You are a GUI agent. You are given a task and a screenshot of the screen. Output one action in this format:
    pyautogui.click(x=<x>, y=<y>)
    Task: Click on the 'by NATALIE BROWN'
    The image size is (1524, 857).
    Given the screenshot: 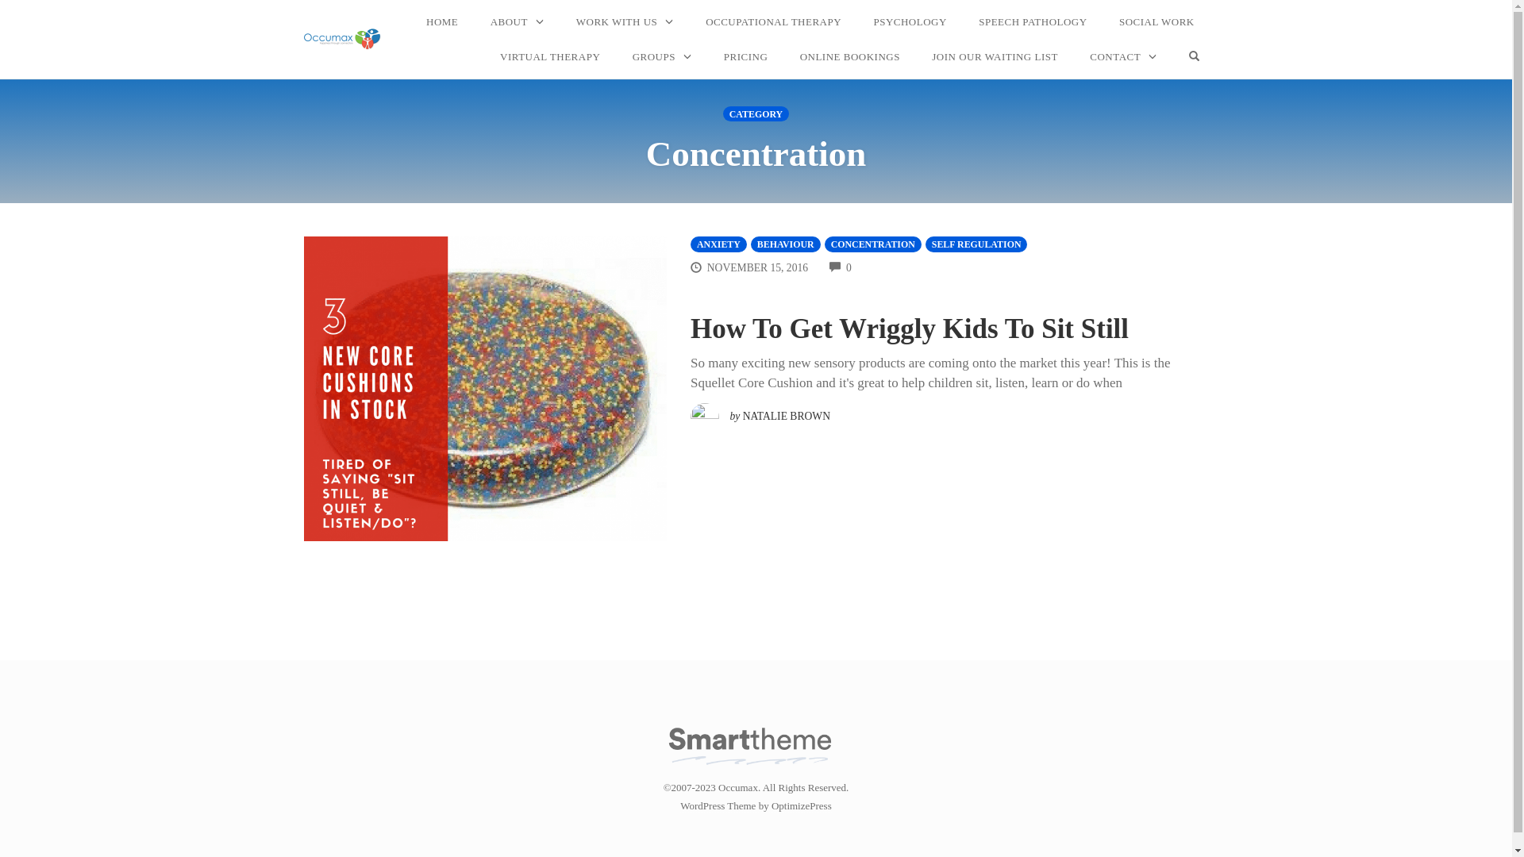 What is the action you would take?
    pyautogui.click(x=760, y=411)
    